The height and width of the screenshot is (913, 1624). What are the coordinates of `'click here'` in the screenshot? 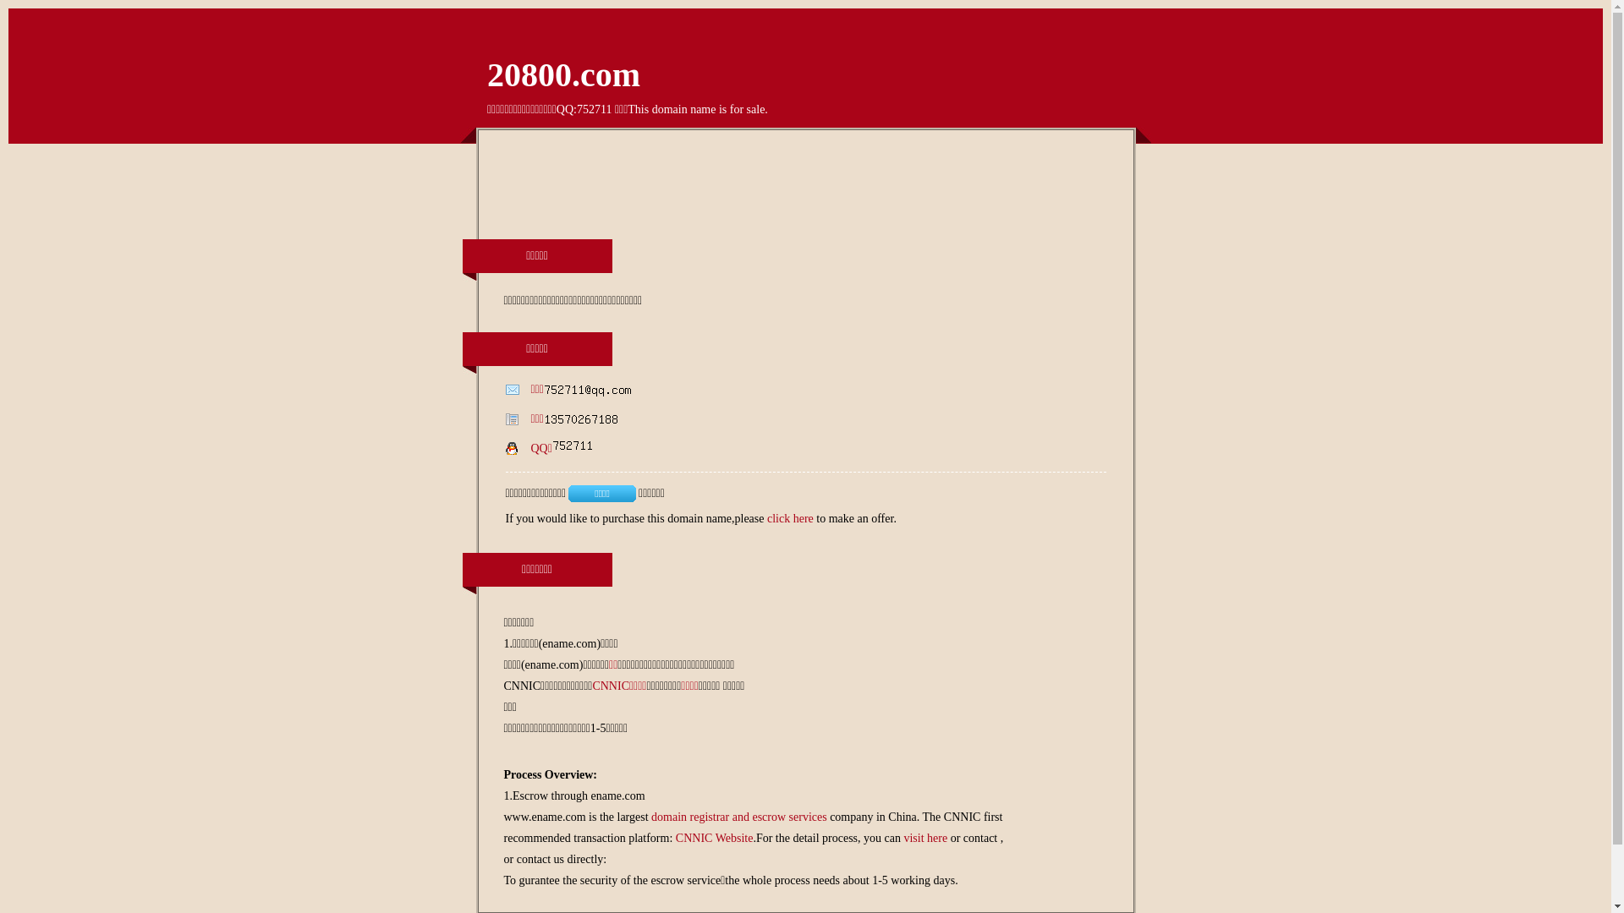 It's located at (766, 517).